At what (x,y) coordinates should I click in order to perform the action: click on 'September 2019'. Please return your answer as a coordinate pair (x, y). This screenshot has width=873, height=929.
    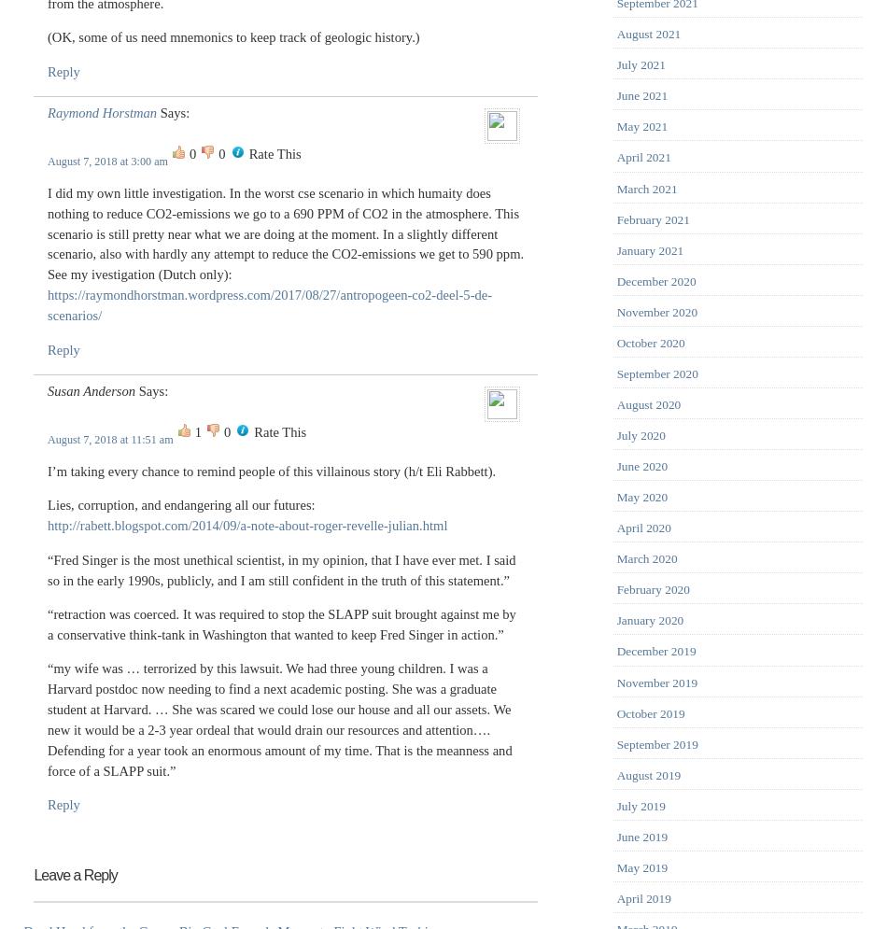
    Looking at the image, I should click on (655, 743).